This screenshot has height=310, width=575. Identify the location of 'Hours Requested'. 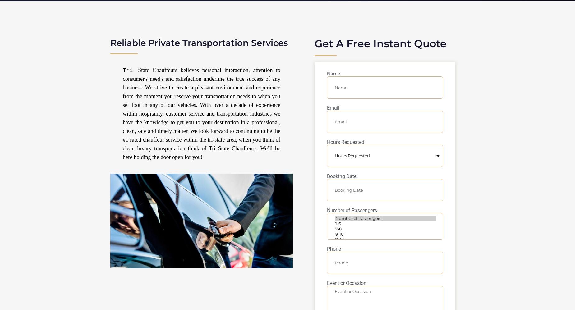
(345, 142).